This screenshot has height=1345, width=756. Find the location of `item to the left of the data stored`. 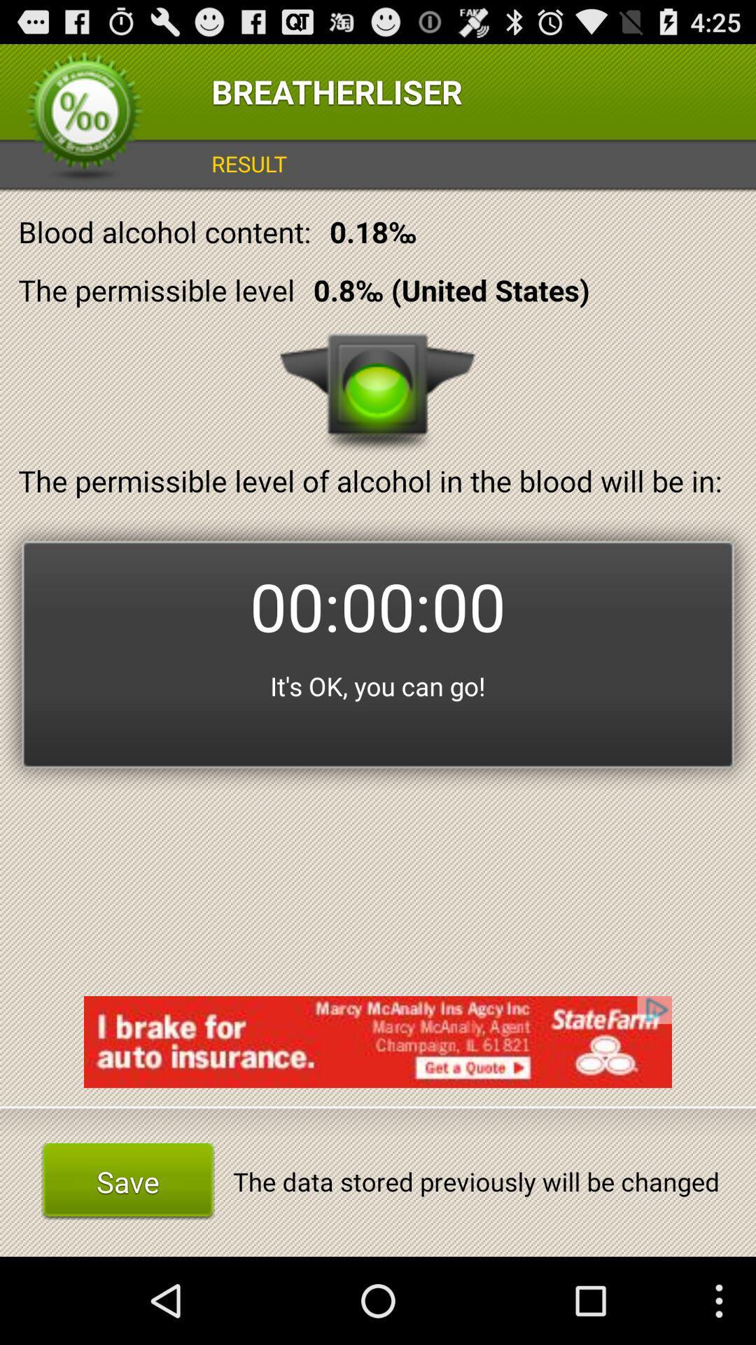

item to the left of the data stored is located at coordinates (127, 1180).